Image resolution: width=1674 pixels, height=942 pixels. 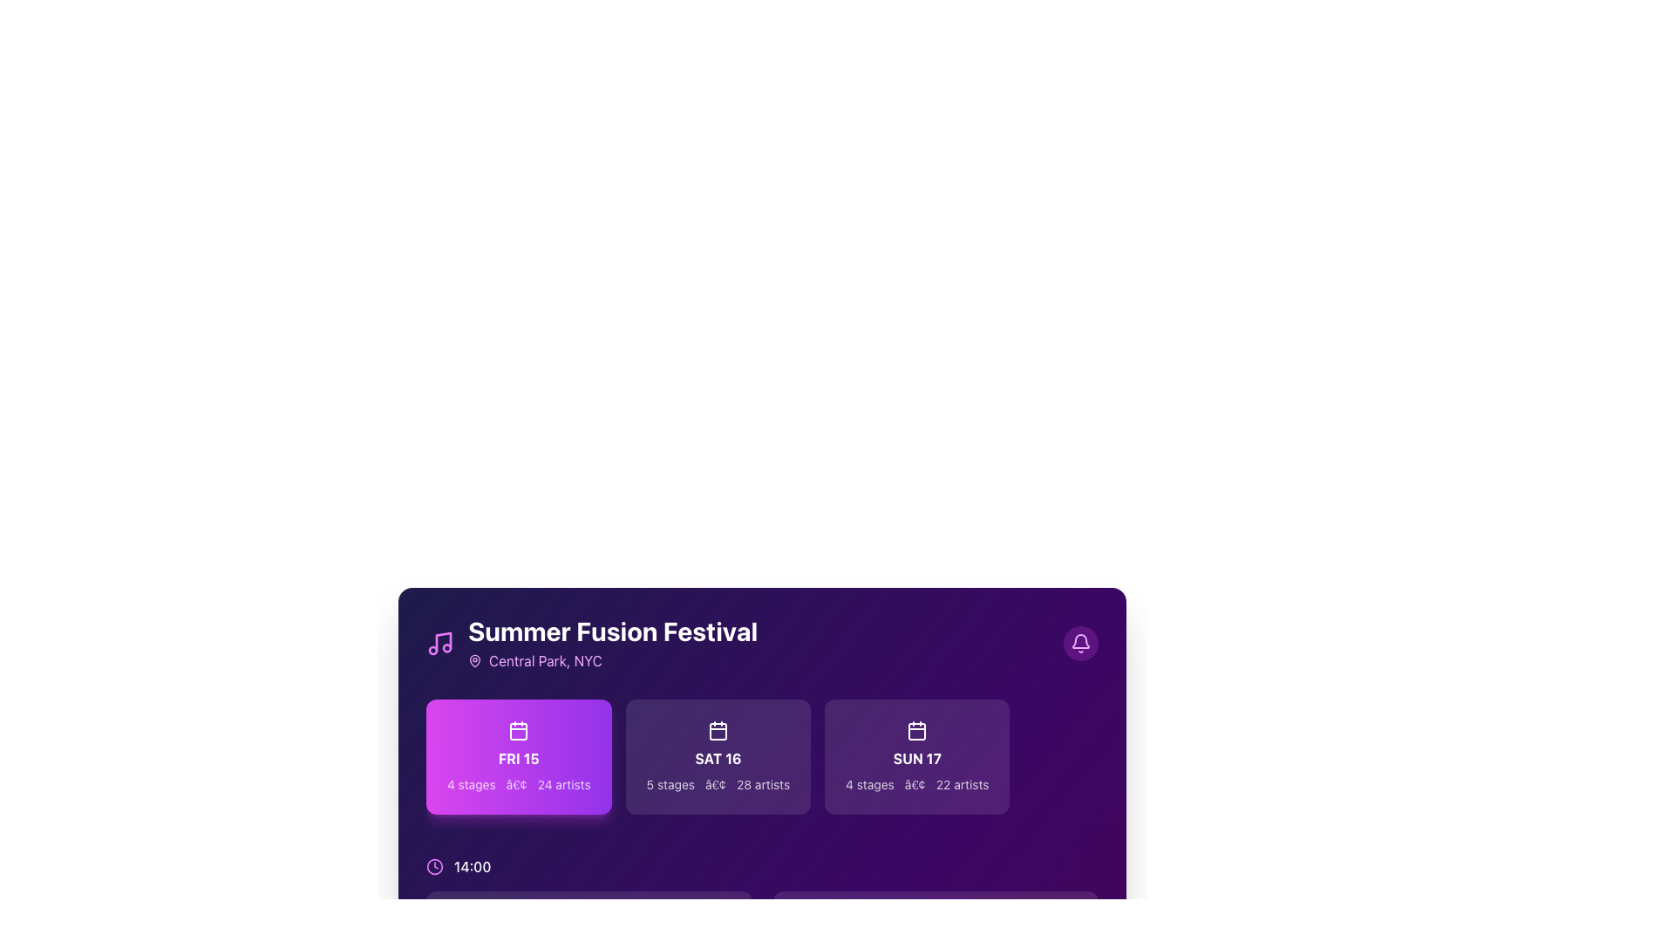 What do you see at coordinates (870, 783) in the screenshot?
I see `the text label that indicates the number of stages available for Sunday, the 17th, located at the bottom left of the third date card` at bounding box center [870, 783].